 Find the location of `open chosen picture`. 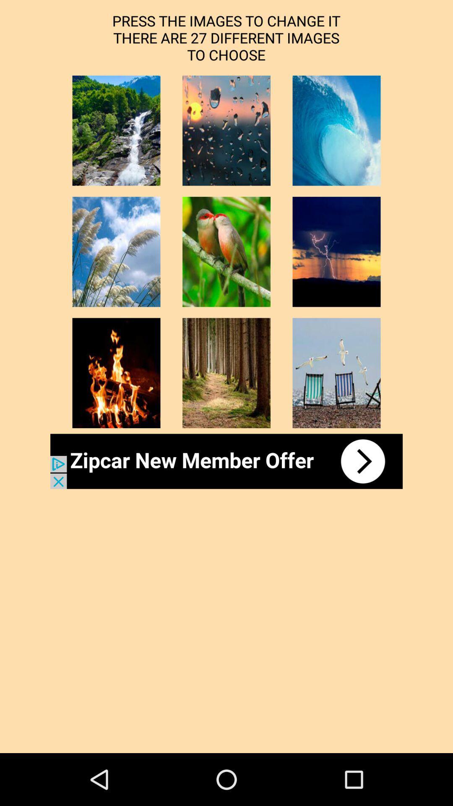

open chosen picture is located at coordinates (336, 251).